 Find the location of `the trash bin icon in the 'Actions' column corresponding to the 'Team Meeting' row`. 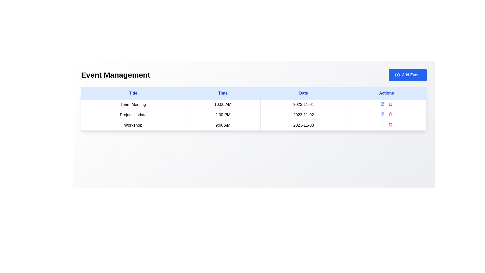

the trash bin icon in the 'Actions' column corresponding to the 'Team Meeting' row is located at coordinates (390, 104).